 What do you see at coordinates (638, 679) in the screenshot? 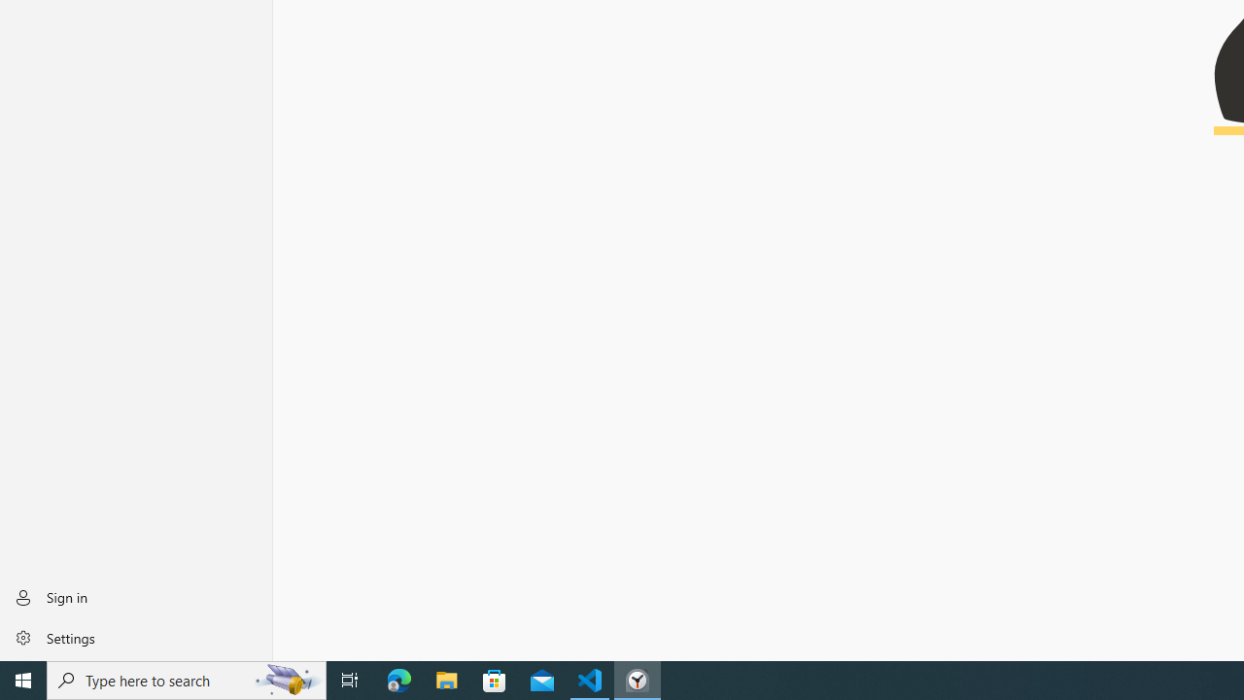
I see `'Clock - 1 running window'` at bounding box center [638, 679].